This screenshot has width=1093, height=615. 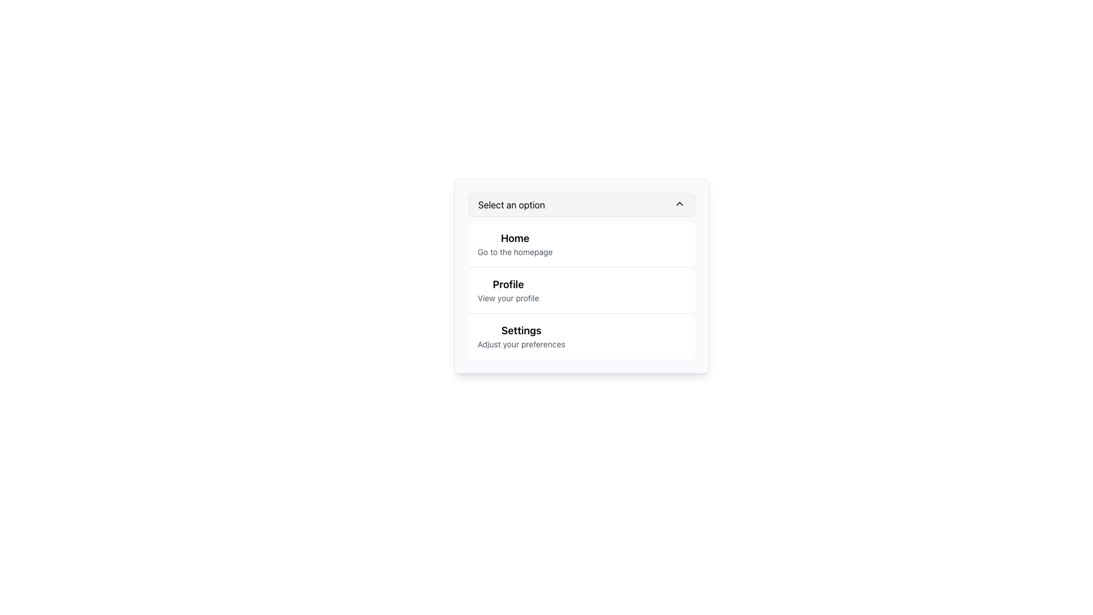 What do you see at coordinates (521, 344) in the screenshot?
I see `the text label that reads 'Adjust your preferences', which is styled in a small font size and light gray color, located directly below the title 'Settings'` at bounding box center [521, 344].